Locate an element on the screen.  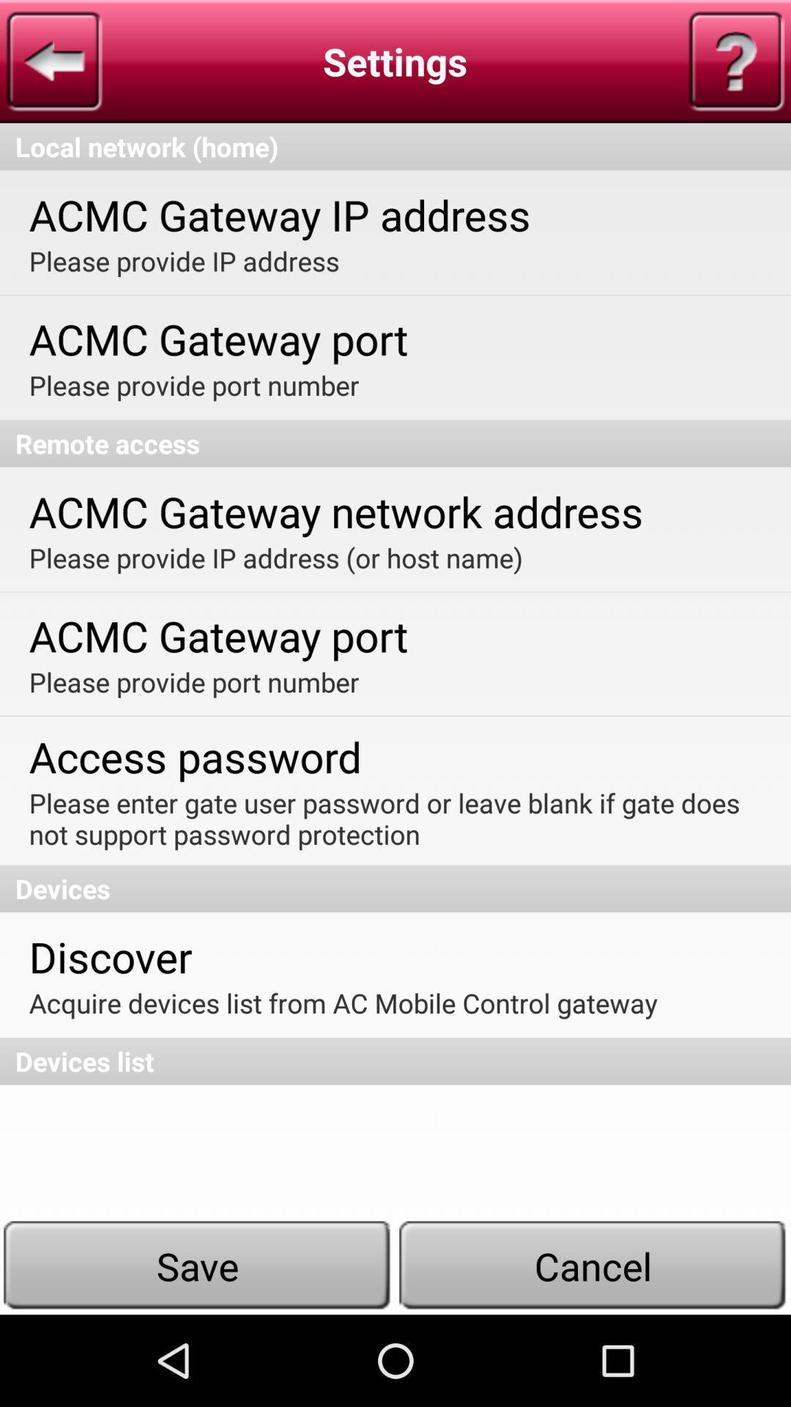
the access password icon is located at coordinates (194, 756).